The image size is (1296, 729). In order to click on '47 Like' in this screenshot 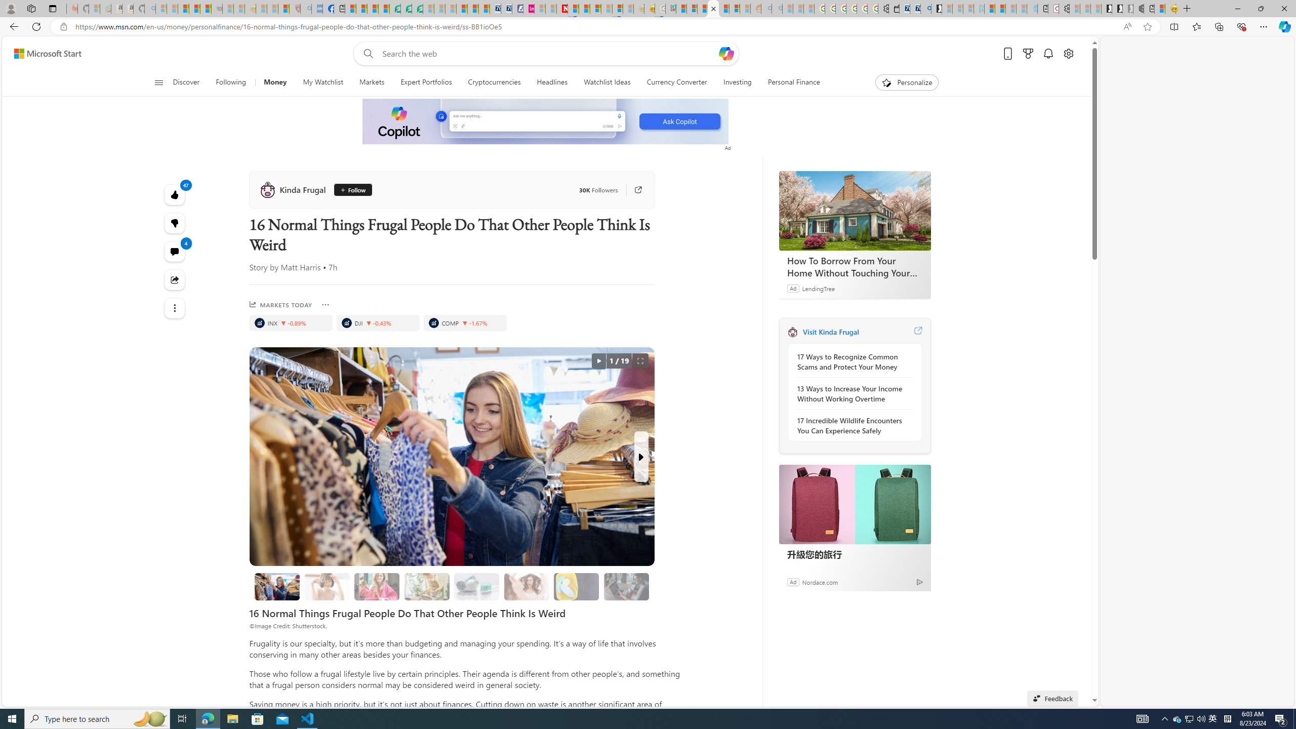, I will do `click(175, 194)`.